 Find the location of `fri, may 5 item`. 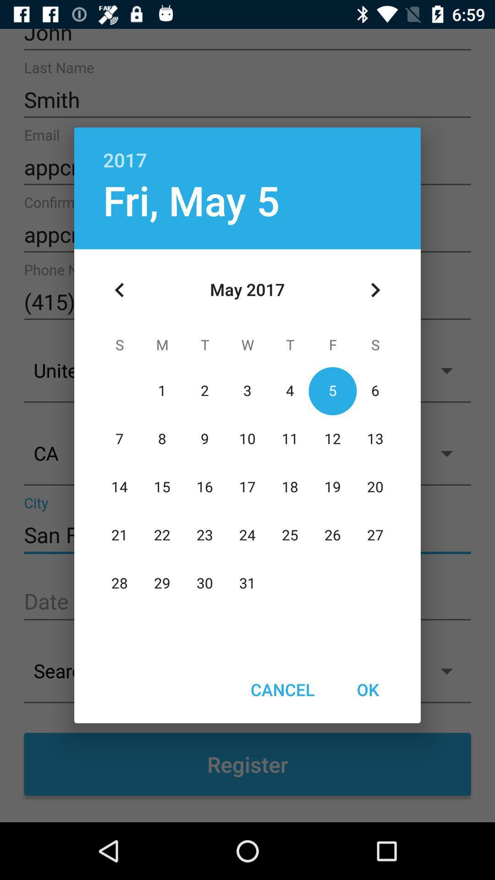

fri, may 5 item is located at coordinates (191, 199).